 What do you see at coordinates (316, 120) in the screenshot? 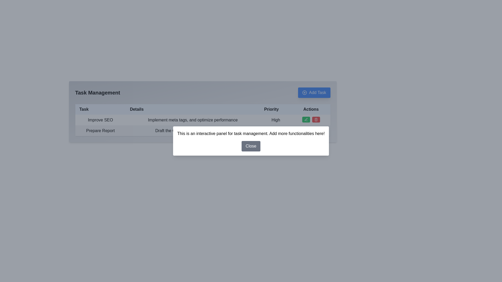
I see `the delete icon button in the 'Actions' column of the 'Task Management' section` at bounding box center [316, 120].